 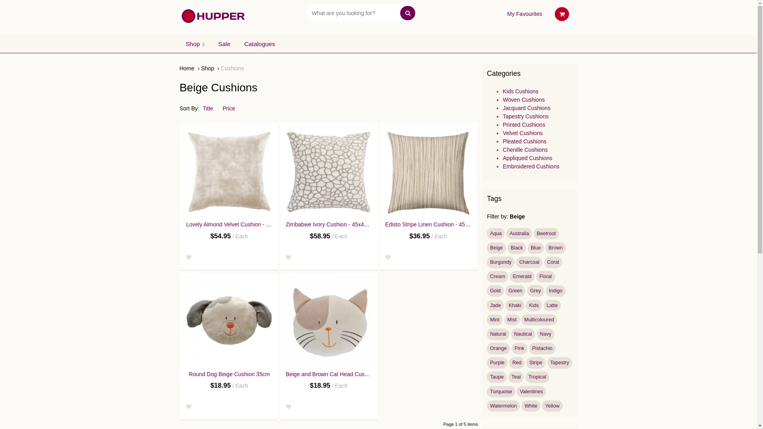 What do you see at coordinates (505, 291) in the screenshot?
I see `'Green'` at bounding box center [505, 291].